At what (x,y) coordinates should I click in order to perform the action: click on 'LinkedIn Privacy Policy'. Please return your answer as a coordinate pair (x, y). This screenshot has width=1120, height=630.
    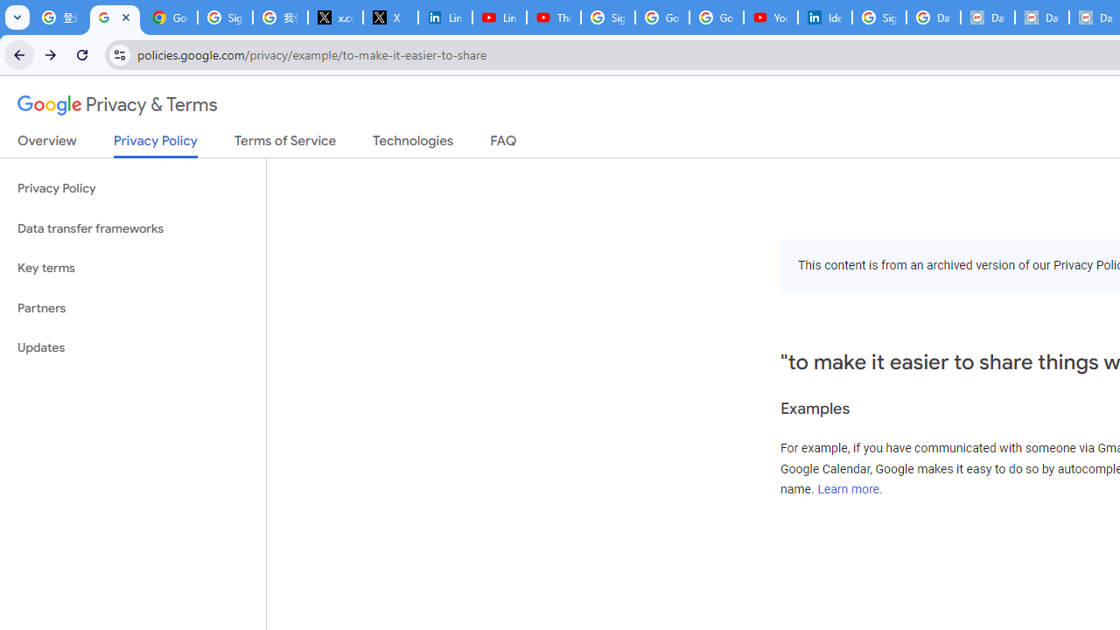
    Looking at the image, I should click on (444, 17).